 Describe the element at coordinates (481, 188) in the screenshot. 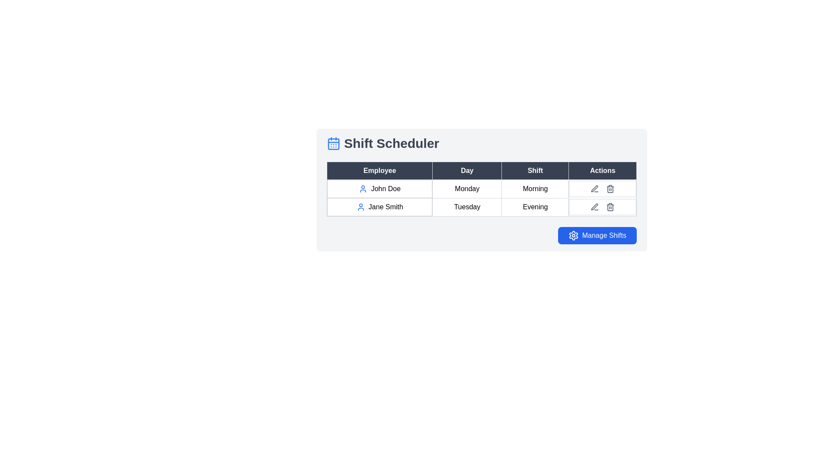

I see `the first row in the 'Shift Scheduler' table that displays 'John Doe' in the 'Employee' column, 'Monday' in the 'Day' column, and 'Morning' in the 'Shift' column` at that location.